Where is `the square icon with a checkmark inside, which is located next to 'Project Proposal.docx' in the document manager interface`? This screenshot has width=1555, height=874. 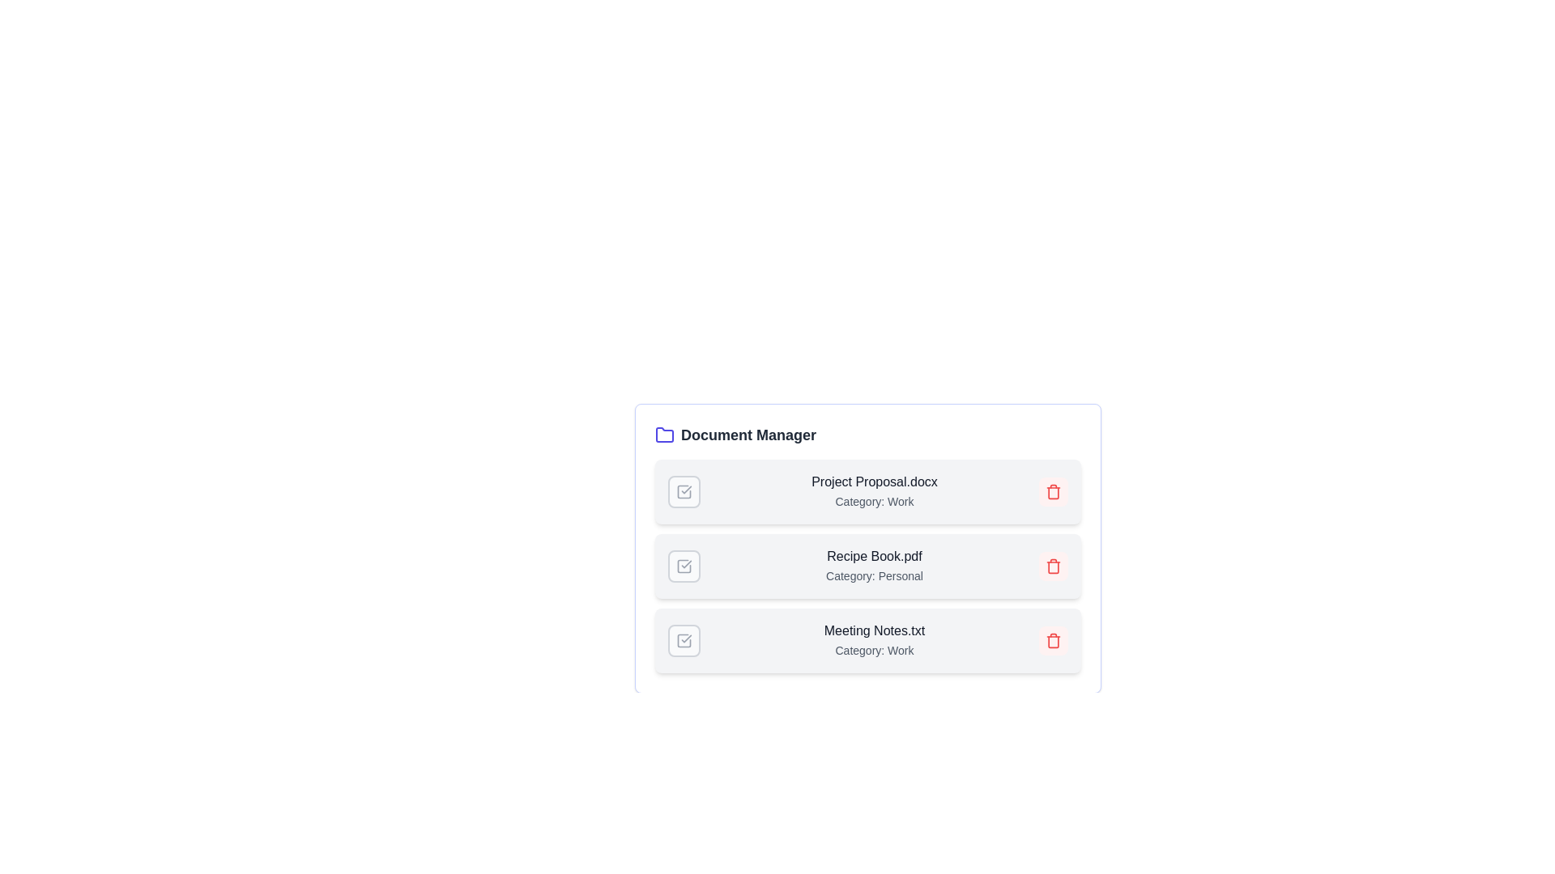
the square icon with a checkmark inside, which is located next to 'Project Proposal.docx' in the document manager interface is located at coordinates (684, 491).